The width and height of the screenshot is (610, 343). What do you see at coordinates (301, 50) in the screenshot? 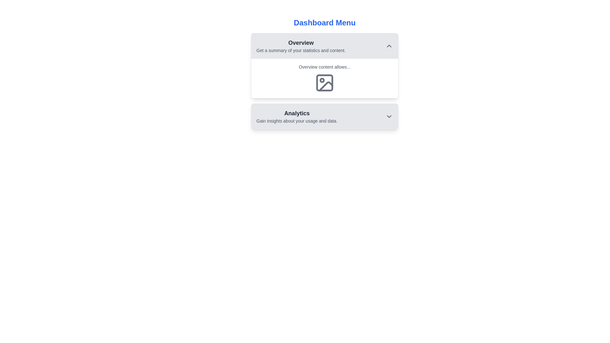
I see `the informational text label located beneath the 'Overview' section in the Dashboard Menu, which provides a summary related to that section` at bounding box center [301, 50].